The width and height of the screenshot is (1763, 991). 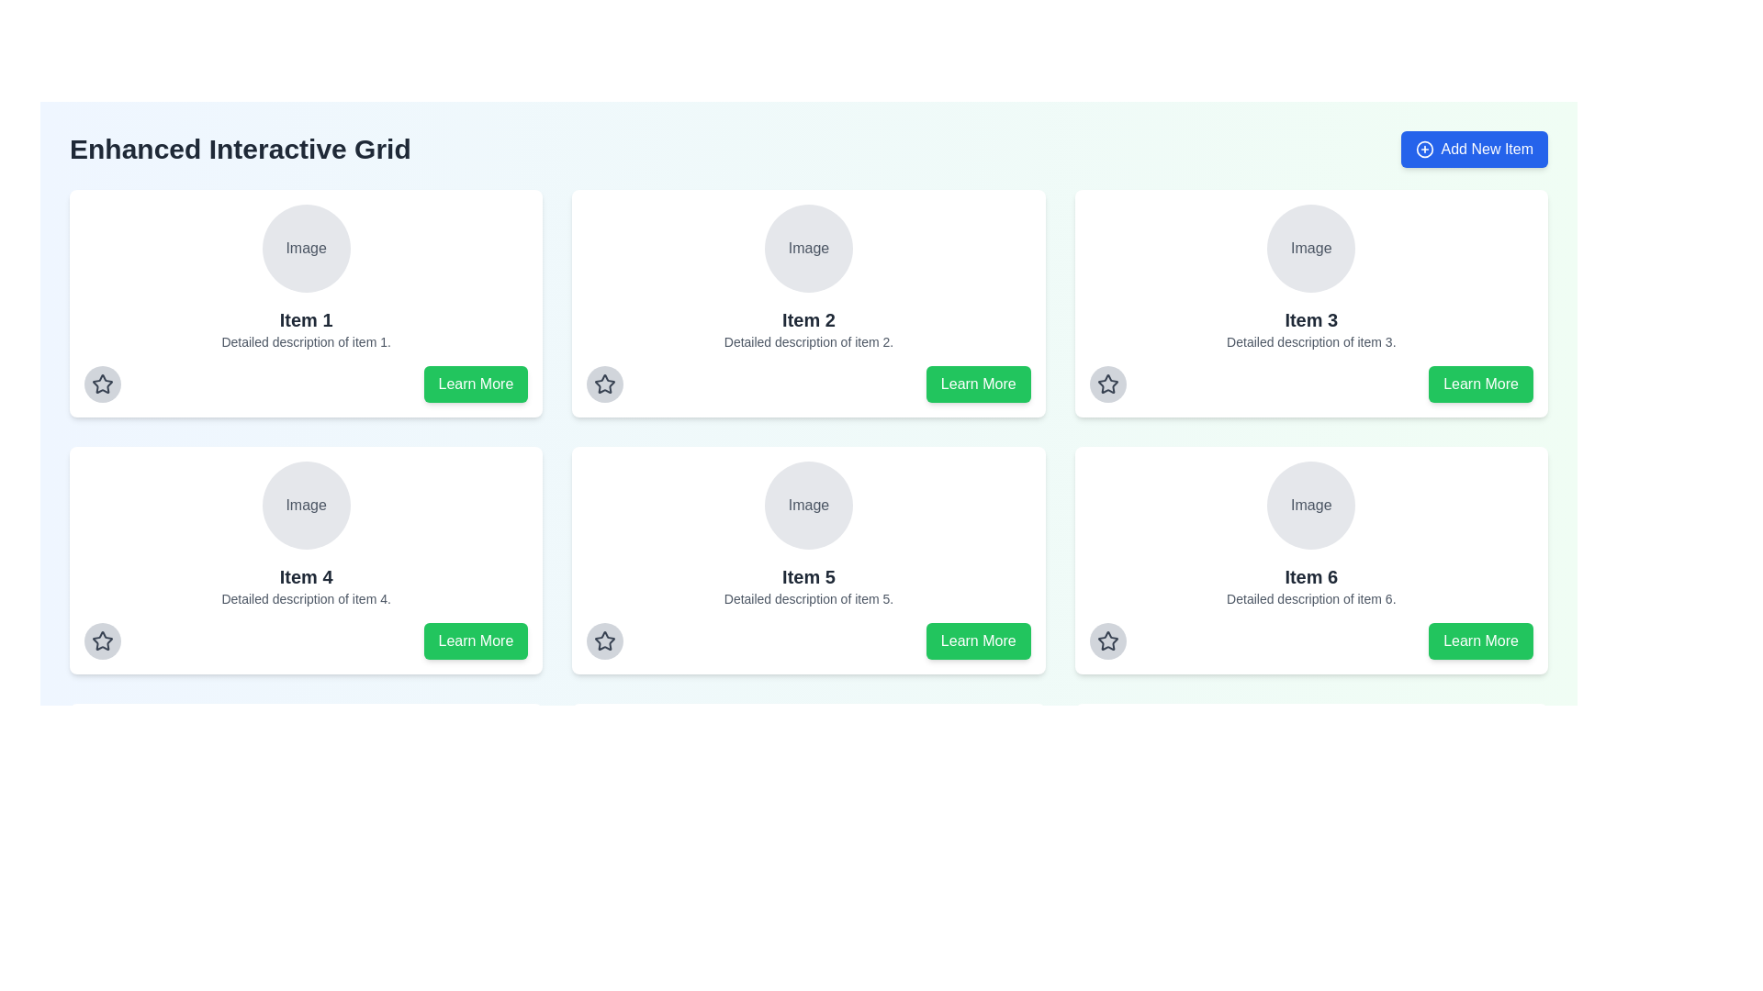 I want to click on the text label 'Item 5', which is styled with a bold and large font, located in the middle column of the second row in a card layout, positioned below an image placeholder and above a descriptive text, so click(x=808, y=575).